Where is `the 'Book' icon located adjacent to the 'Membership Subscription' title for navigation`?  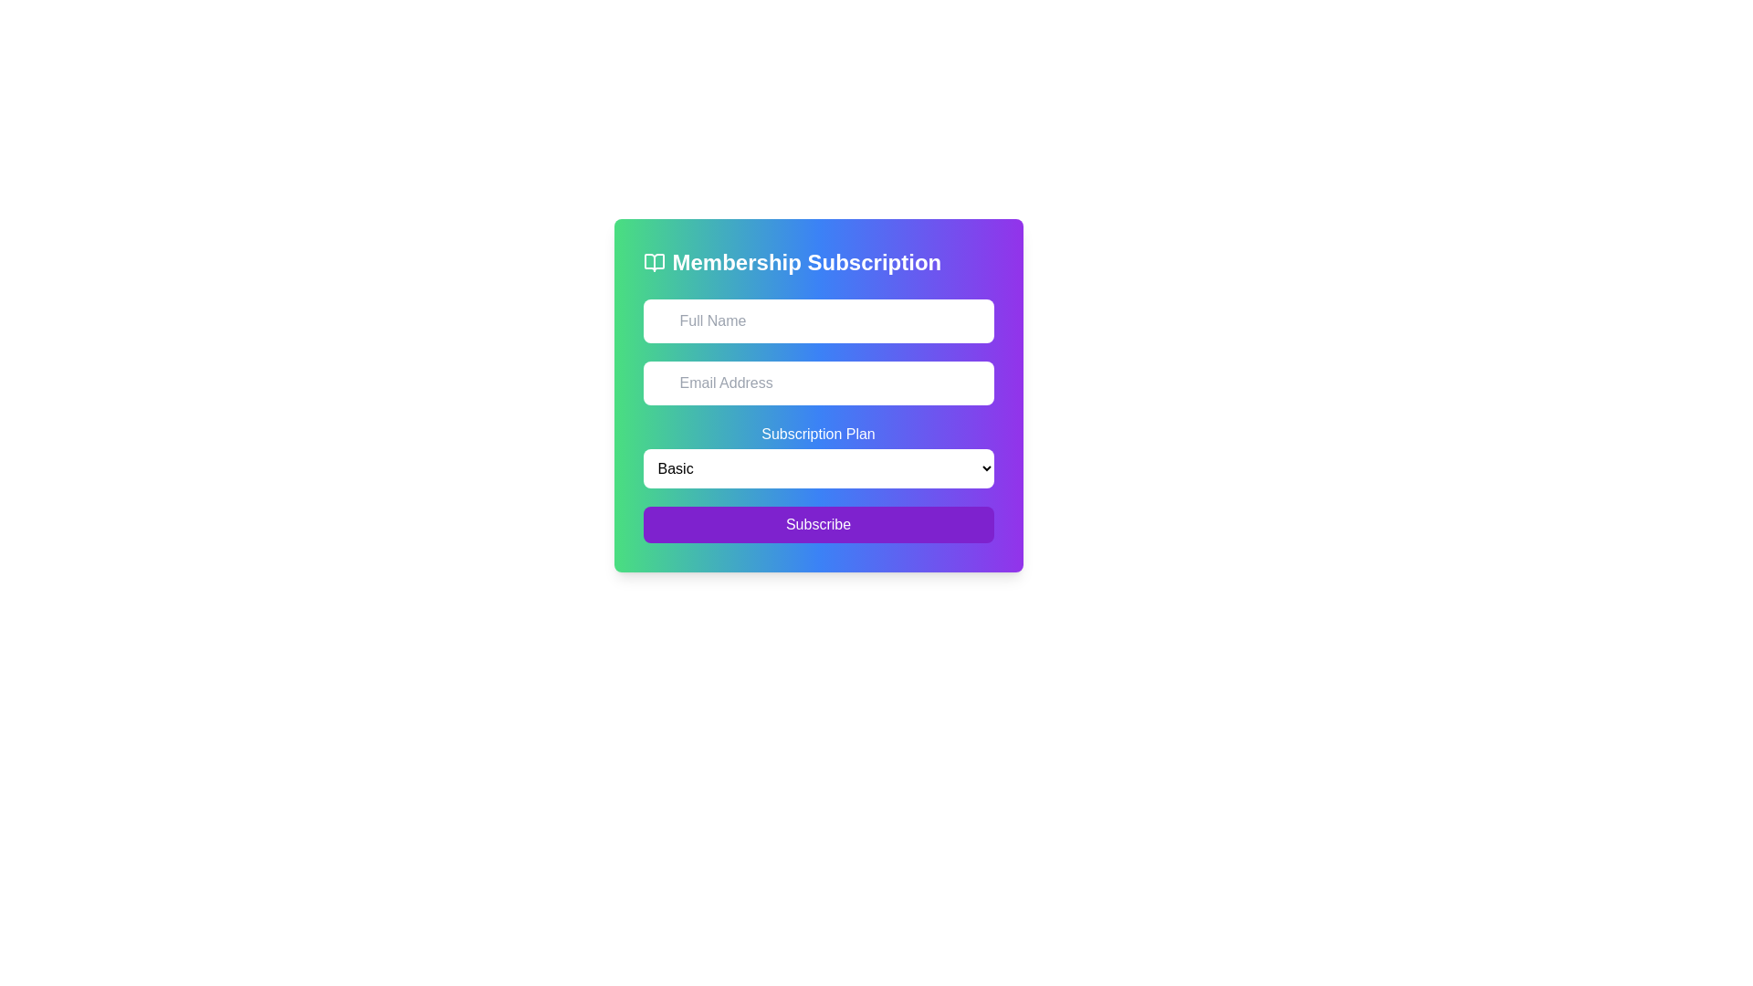 the 'Book' icon located adjacent to the 'Membership Subscription' title for navigation is located at coordinates (654, 263).